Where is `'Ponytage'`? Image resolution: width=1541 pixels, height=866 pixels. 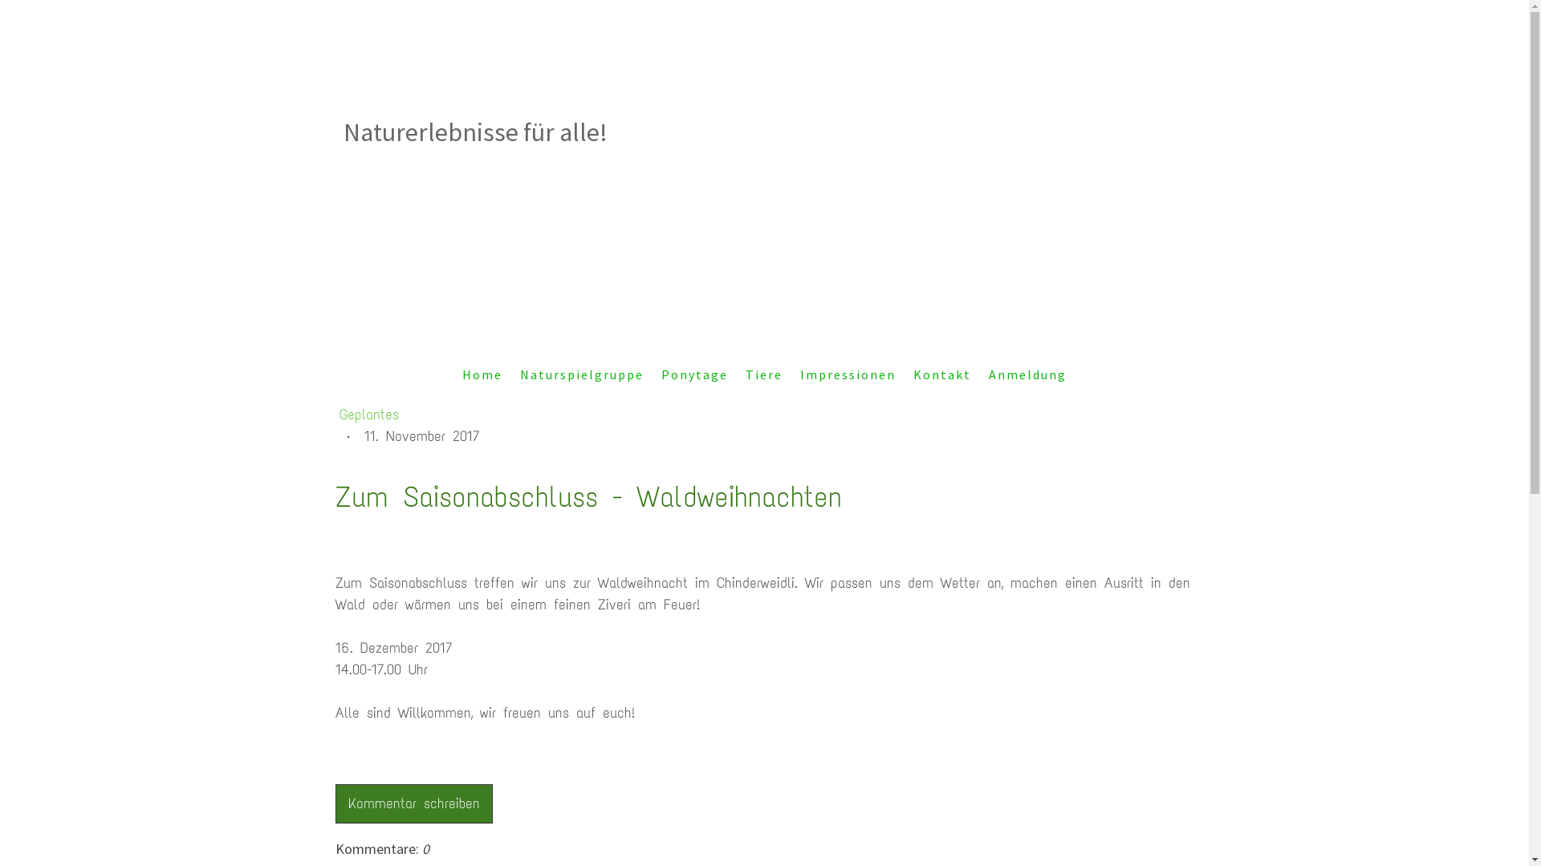
'Ponytage' is located at coordinates (694, 374).